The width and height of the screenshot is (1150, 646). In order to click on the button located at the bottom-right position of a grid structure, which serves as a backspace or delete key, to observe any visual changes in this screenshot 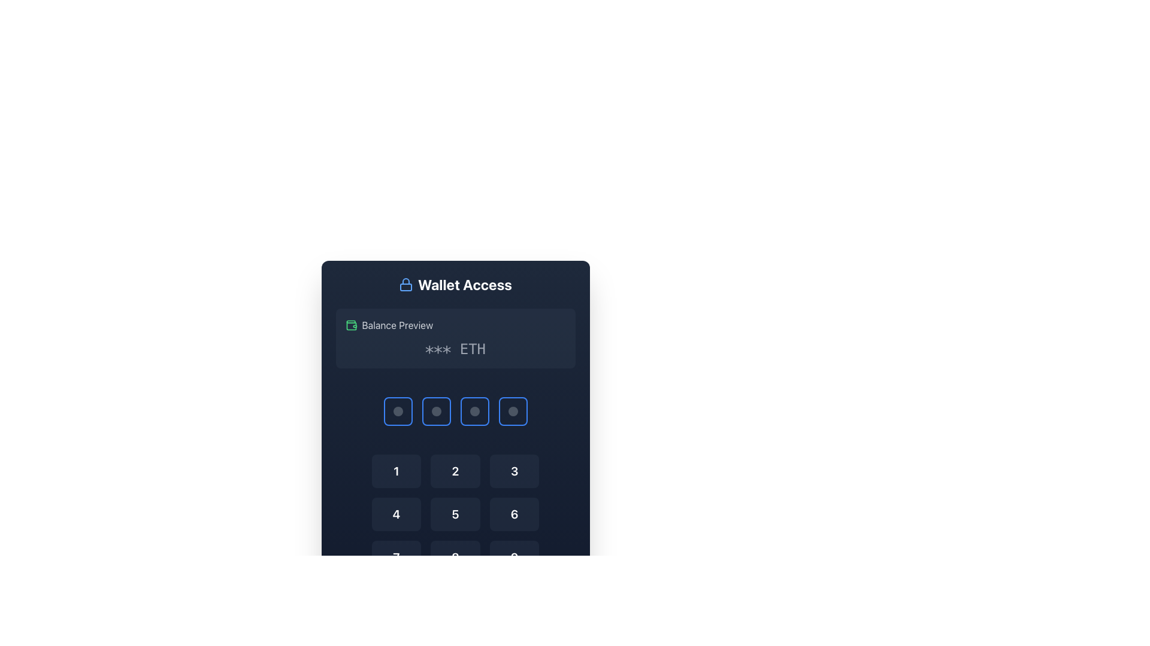, I will do `click(515, 600)`.